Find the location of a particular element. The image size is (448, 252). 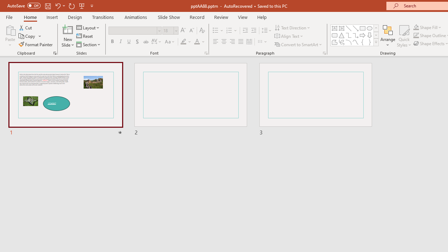

'Shape Outline Teal, Accent 1' is located at coordinates (416, 35).